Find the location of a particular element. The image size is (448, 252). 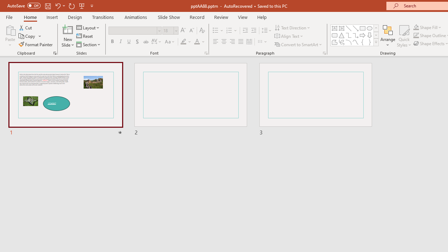

'Shape Outline Teal, Accent 1' is located at coordinates (416, 35).